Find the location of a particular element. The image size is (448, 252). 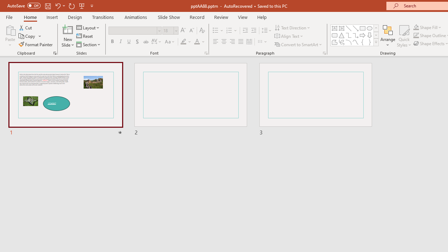

'Shape Outline Teal, Accent 1' is located at coordinates (416, 35).